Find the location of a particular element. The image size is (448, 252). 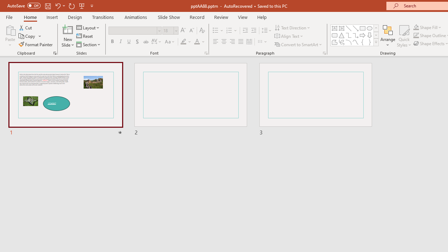

'Shape Outline Teal, Accent 1' is located at coordinates (416, 35).